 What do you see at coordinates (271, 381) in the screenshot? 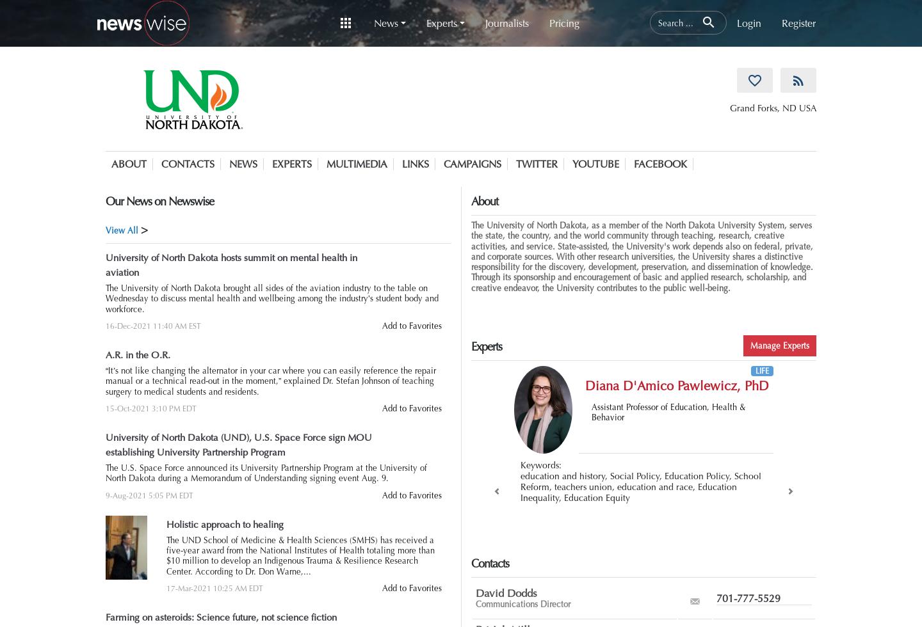
I see `'“It’s not like changing the alternator in your car where you can easily reference the repair manual or a technical read-out in the moment,” explained Dr. Stefan Johnson of teaching surgery to medical students and residents.'` at bounding box center [271, 381].